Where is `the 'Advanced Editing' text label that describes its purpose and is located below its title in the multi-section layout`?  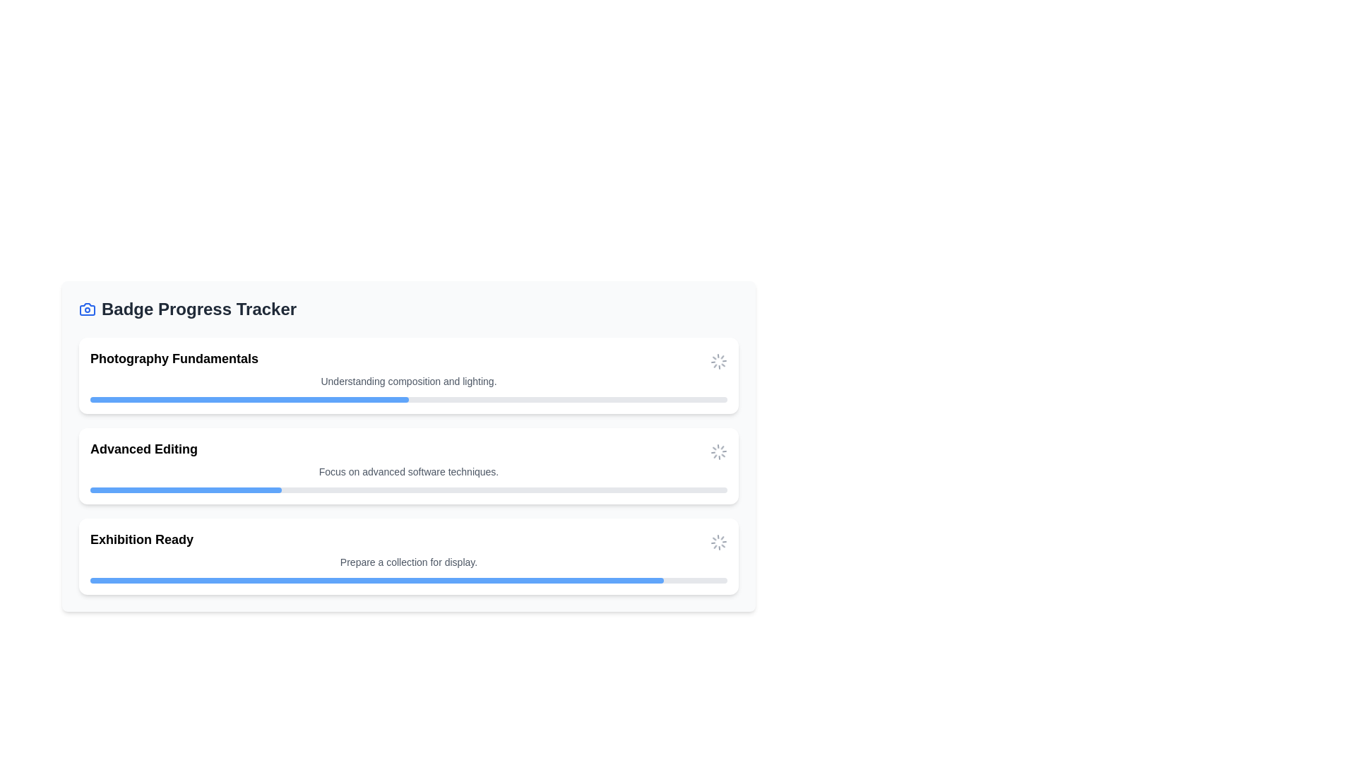 the 'Advanced Editing' text label that describes its purpose and is located below its title in the multi-section layout is located at coordinates (408, 471).